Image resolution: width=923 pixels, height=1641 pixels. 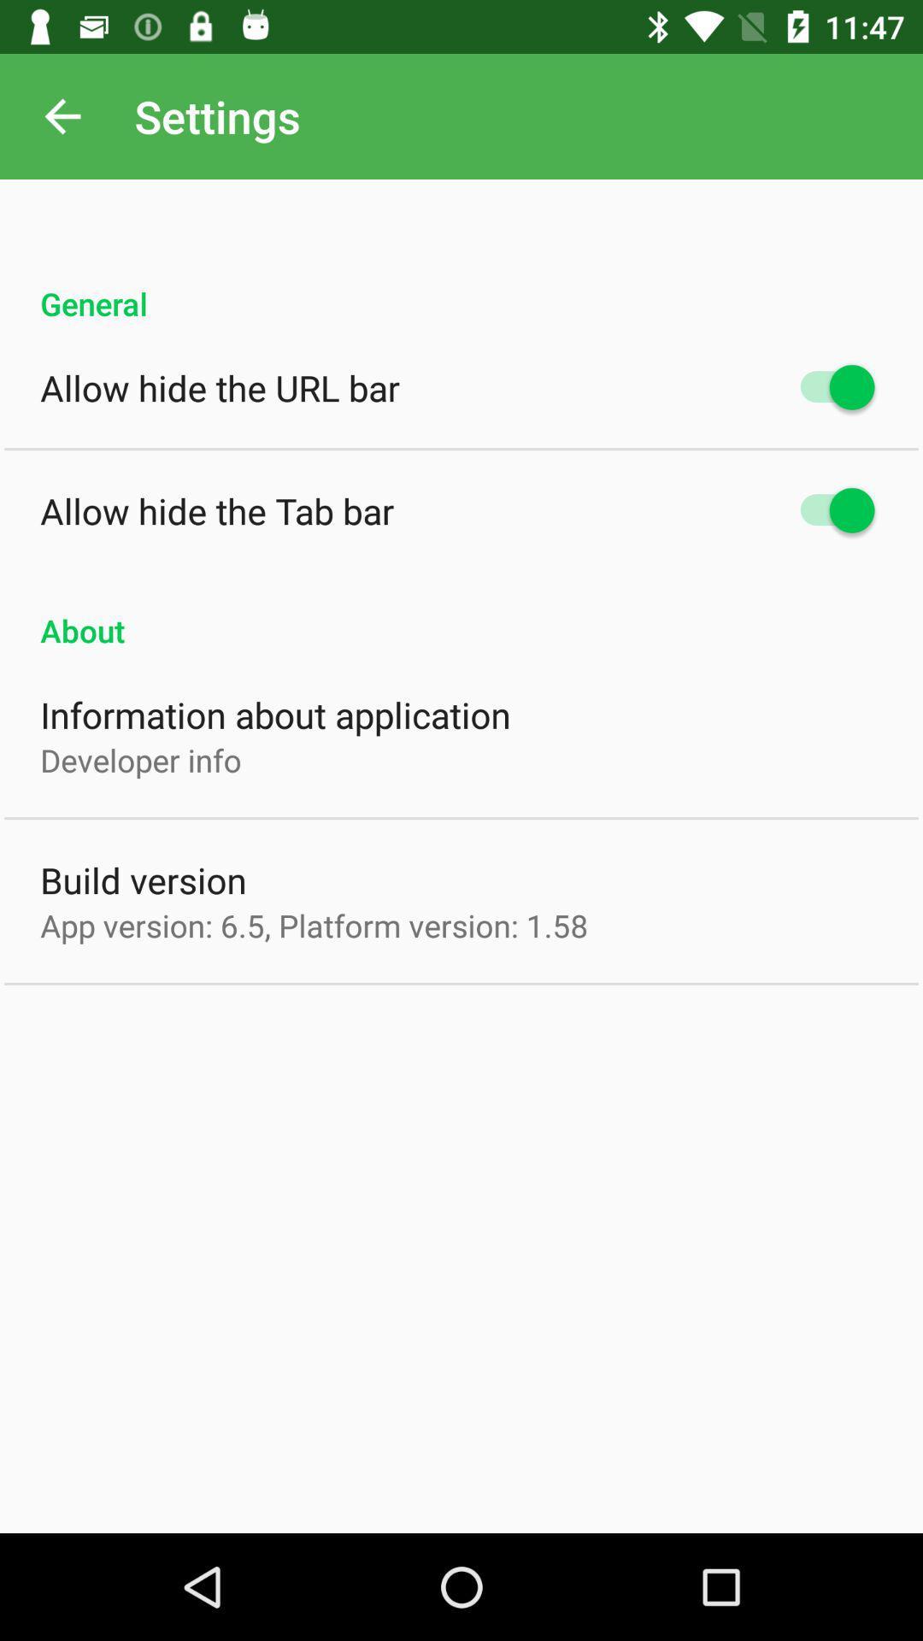 What do you see at coordinates (461, 285) in the screenshot?
I see `general icon` at bounding box center [461, 285].